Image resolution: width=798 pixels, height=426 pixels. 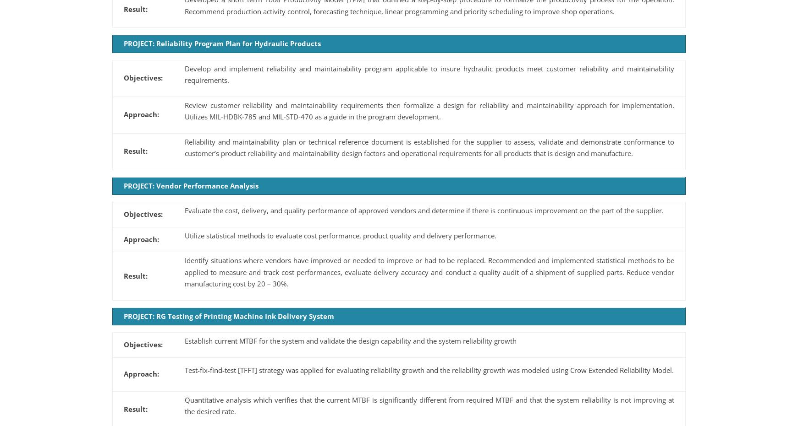 What do you see at coordinates (429, 405) in the screenshot?
I see `'Quantitative analysis which verifies that the current MTBF is significantly different from required MTBF and that the system reliability is not improving at the desired rate.'` at bounding box center [429, 405].